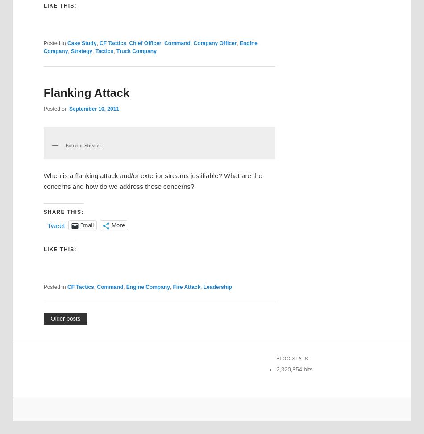 This screenshot has width=424, height=434. What do you see at coordinates (94, 108) in the screenshot?
I see `'September 10, 2011'` at bounding box center [94, 108].